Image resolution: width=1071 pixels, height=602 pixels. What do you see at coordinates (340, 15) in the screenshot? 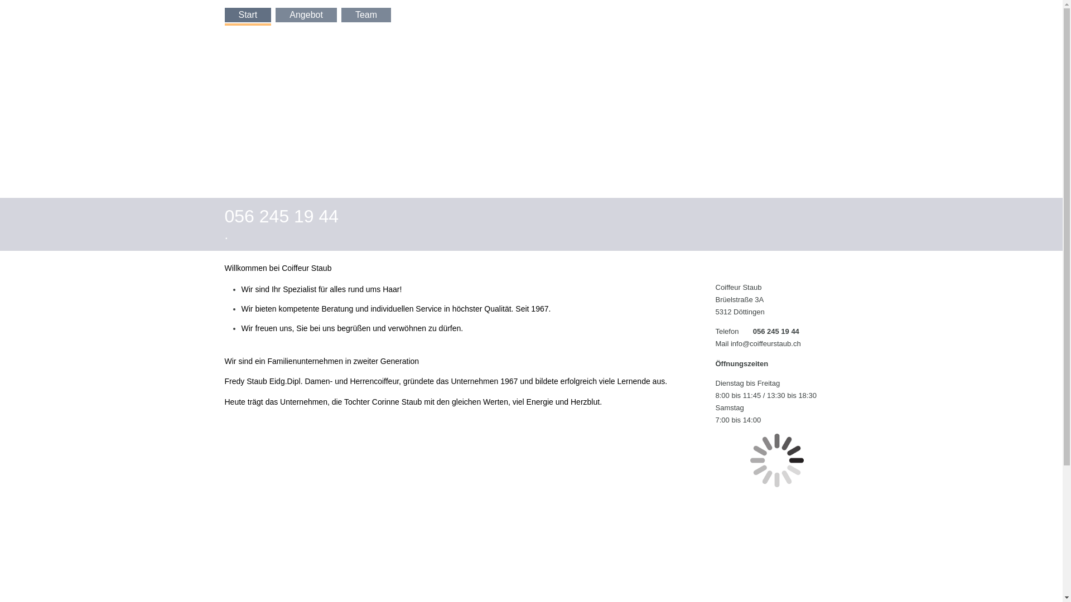
I see `'Team'` at bounding box center [340, 15].